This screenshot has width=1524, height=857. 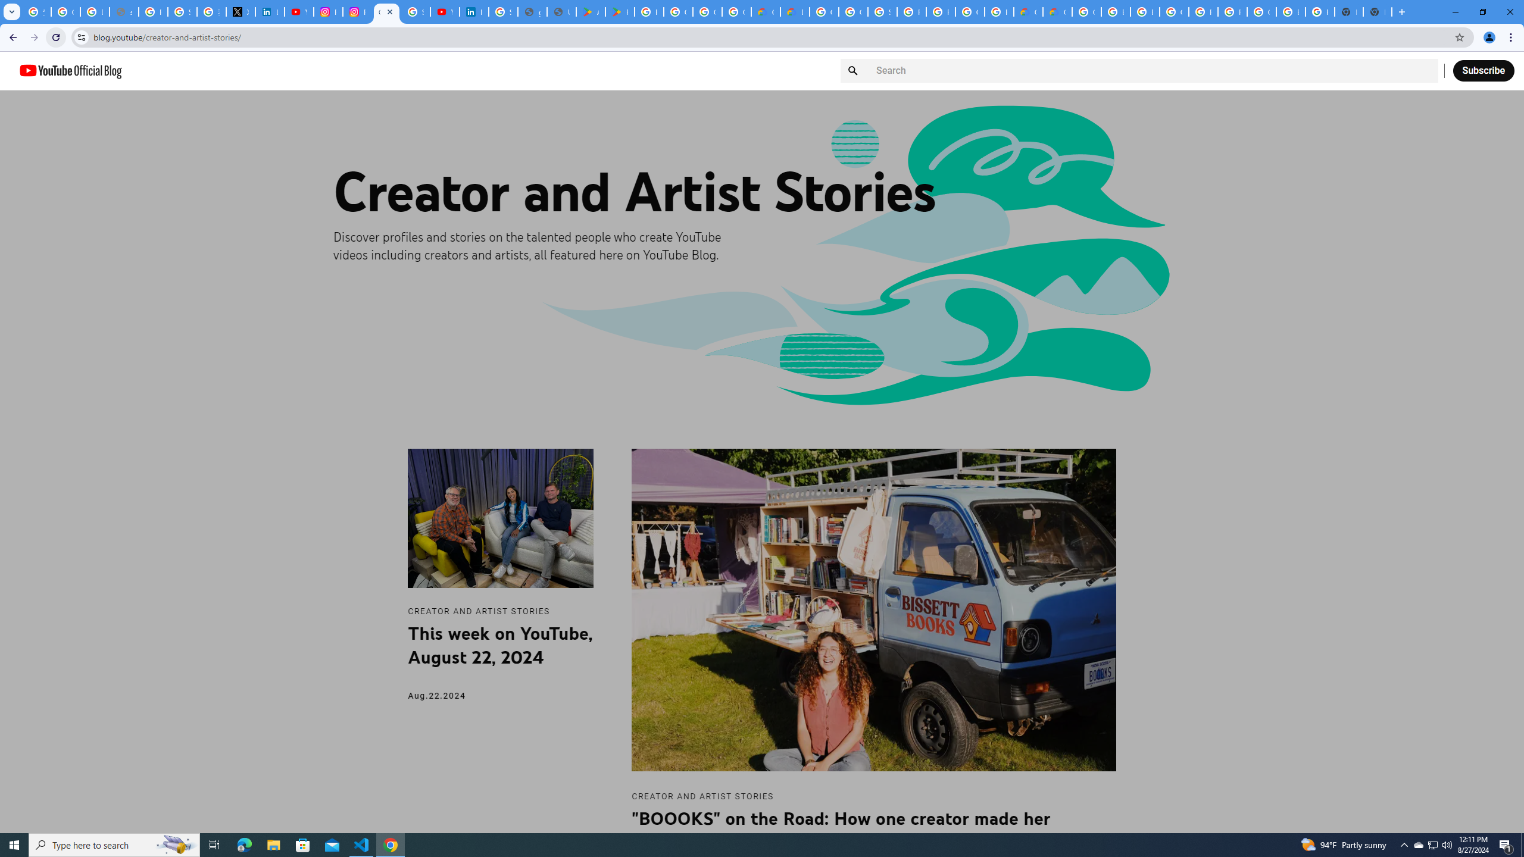 What do you see at coordinates (1114, 11) in the screenshot?
I see `'Browse Chrome as a guest - Computer - Google Chrome Help'` at bounding box center [1114, 11].